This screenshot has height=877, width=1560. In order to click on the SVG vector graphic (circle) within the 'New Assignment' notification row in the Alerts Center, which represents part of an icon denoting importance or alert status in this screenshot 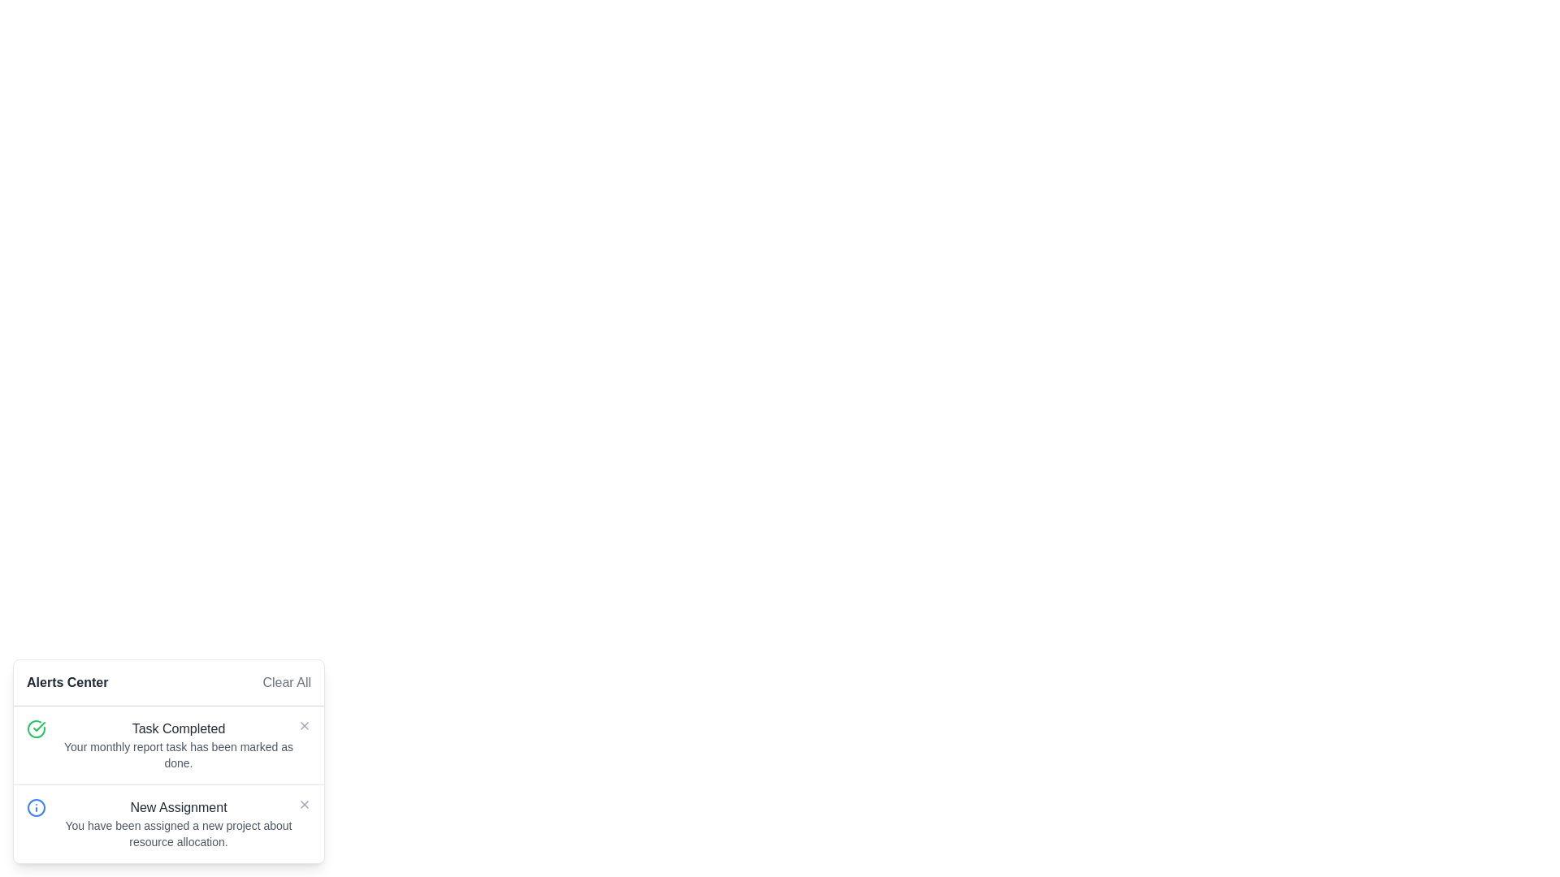, I will do `click(36, 808)`.